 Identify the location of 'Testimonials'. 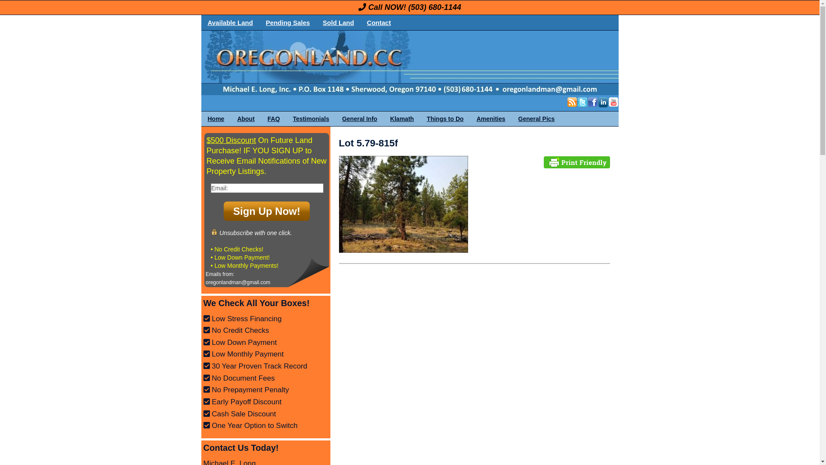
(311, 119).